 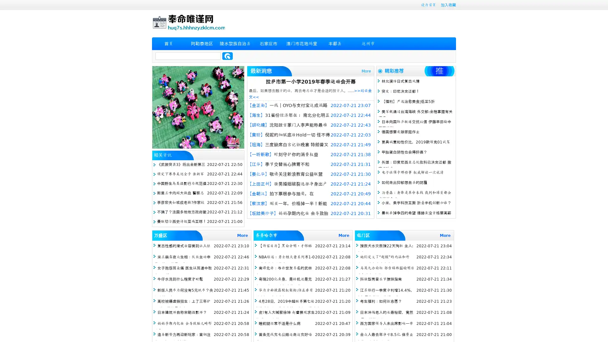 I want to click on Search, so click(x=227, y=56).